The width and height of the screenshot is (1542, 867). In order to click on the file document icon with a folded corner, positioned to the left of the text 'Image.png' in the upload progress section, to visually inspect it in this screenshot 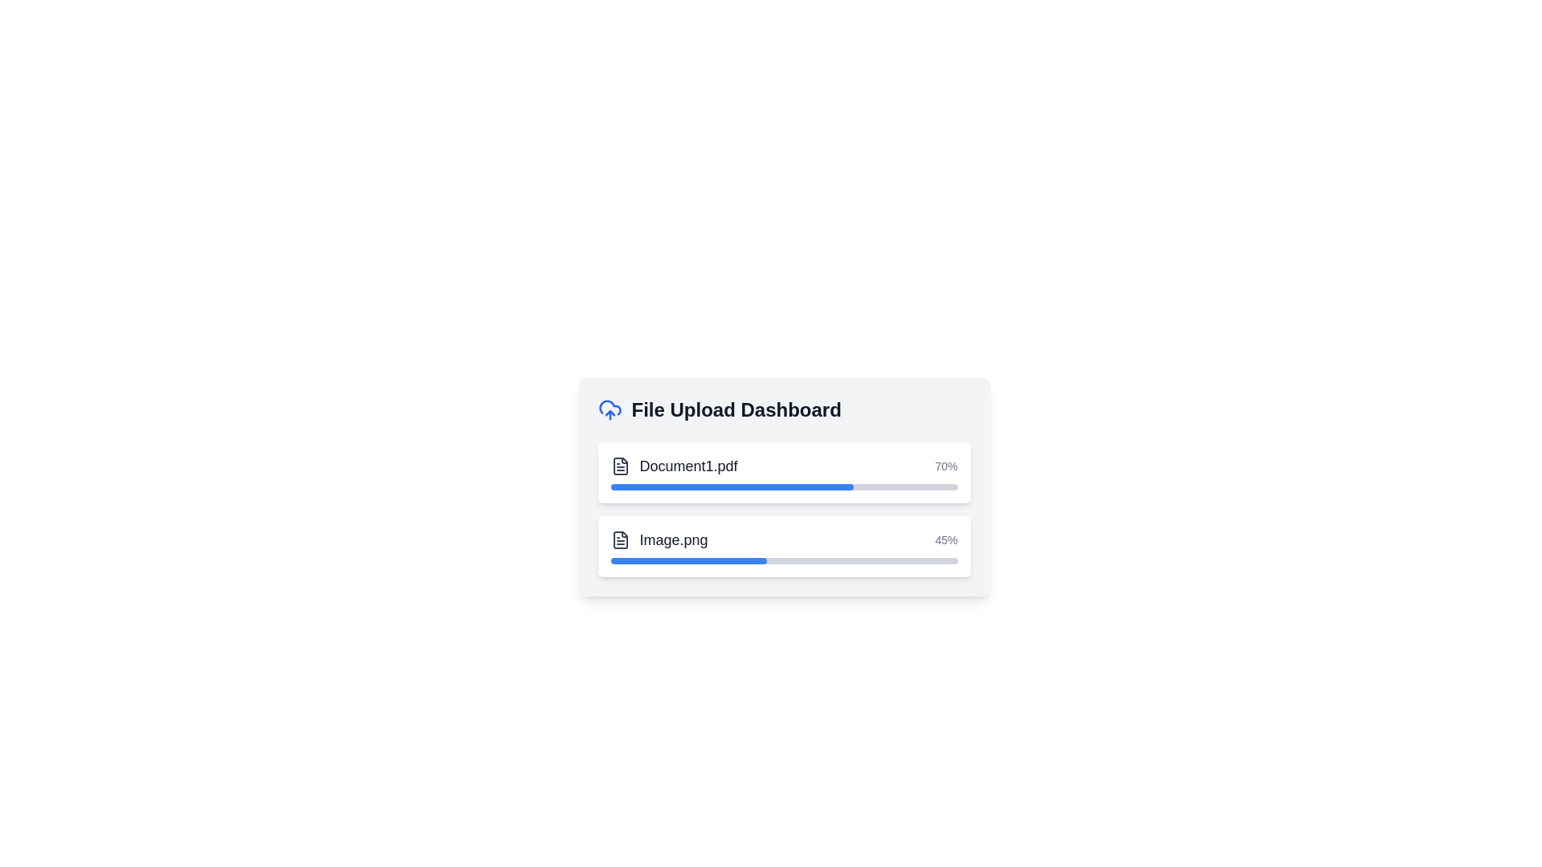, I will do `click(619, 539)`.